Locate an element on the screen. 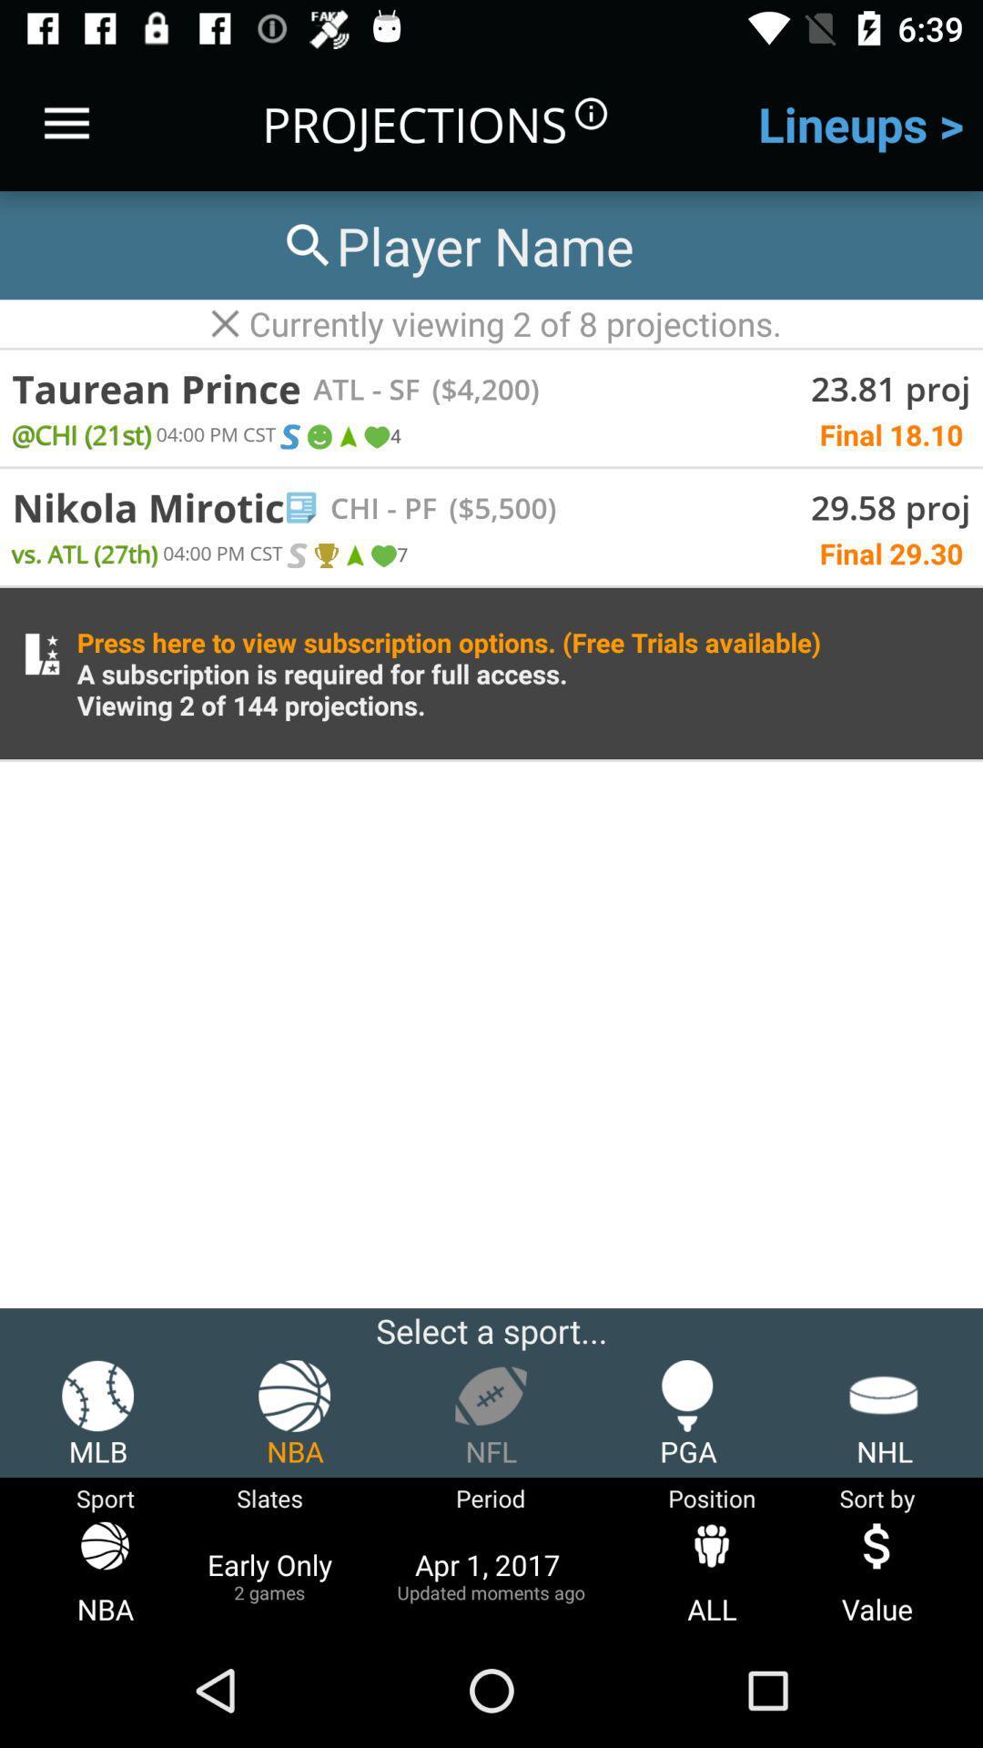 The image size is (983, 1748). the arrow icon next to smiley is located at coordinates (347, 437).